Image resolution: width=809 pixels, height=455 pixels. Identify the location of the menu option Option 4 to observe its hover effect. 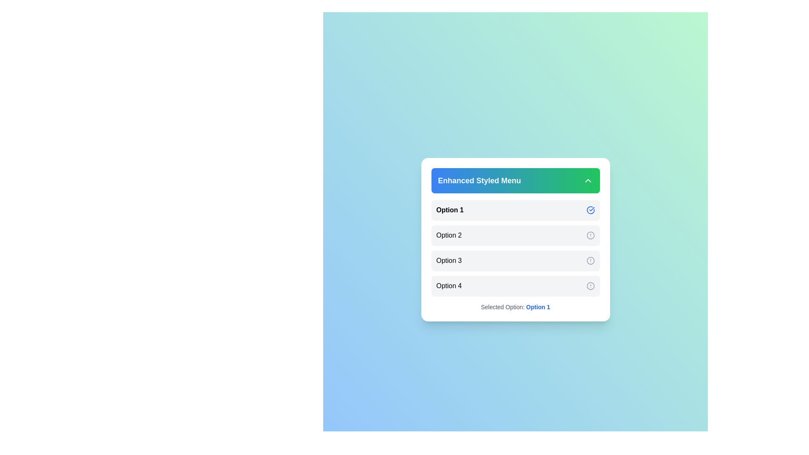
(515, 285).